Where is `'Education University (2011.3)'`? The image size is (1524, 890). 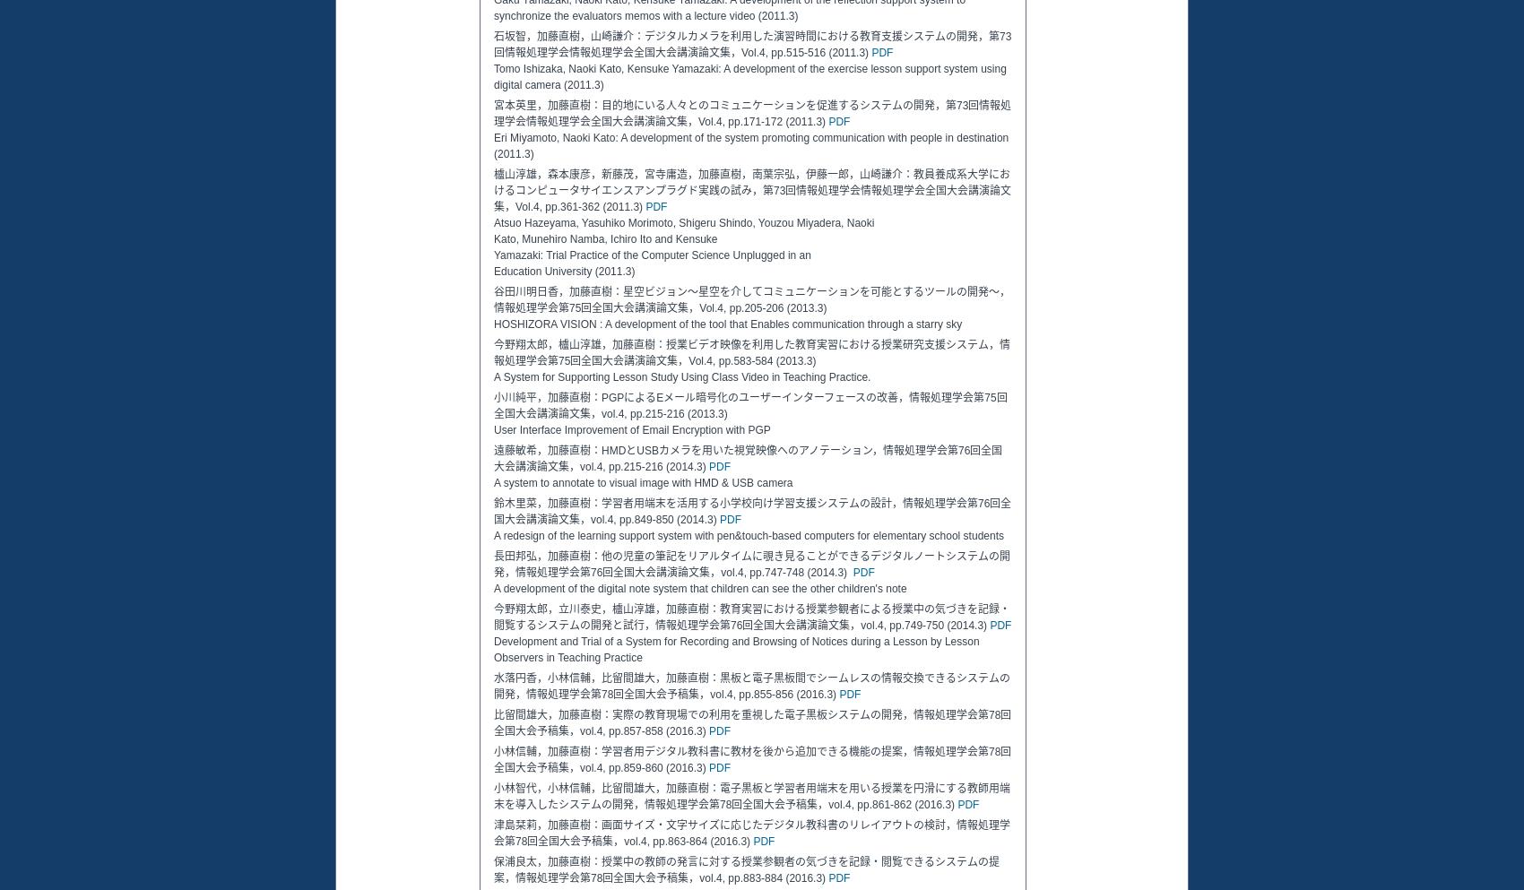 'Education University (2011.3)' is located at coordinates (563, 271).